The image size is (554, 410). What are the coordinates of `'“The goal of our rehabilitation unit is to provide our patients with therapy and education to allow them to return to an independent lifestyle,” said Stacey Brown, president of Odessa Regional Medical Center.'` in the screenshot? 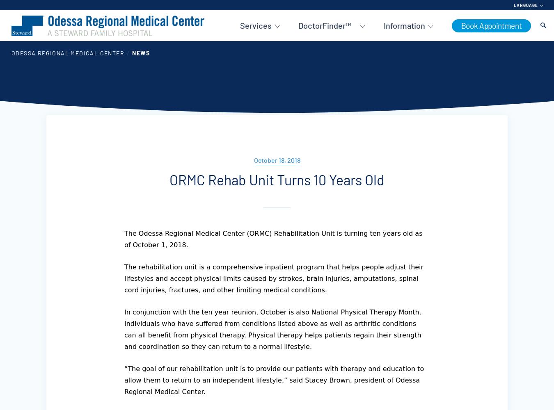 It's located at (124, 380).